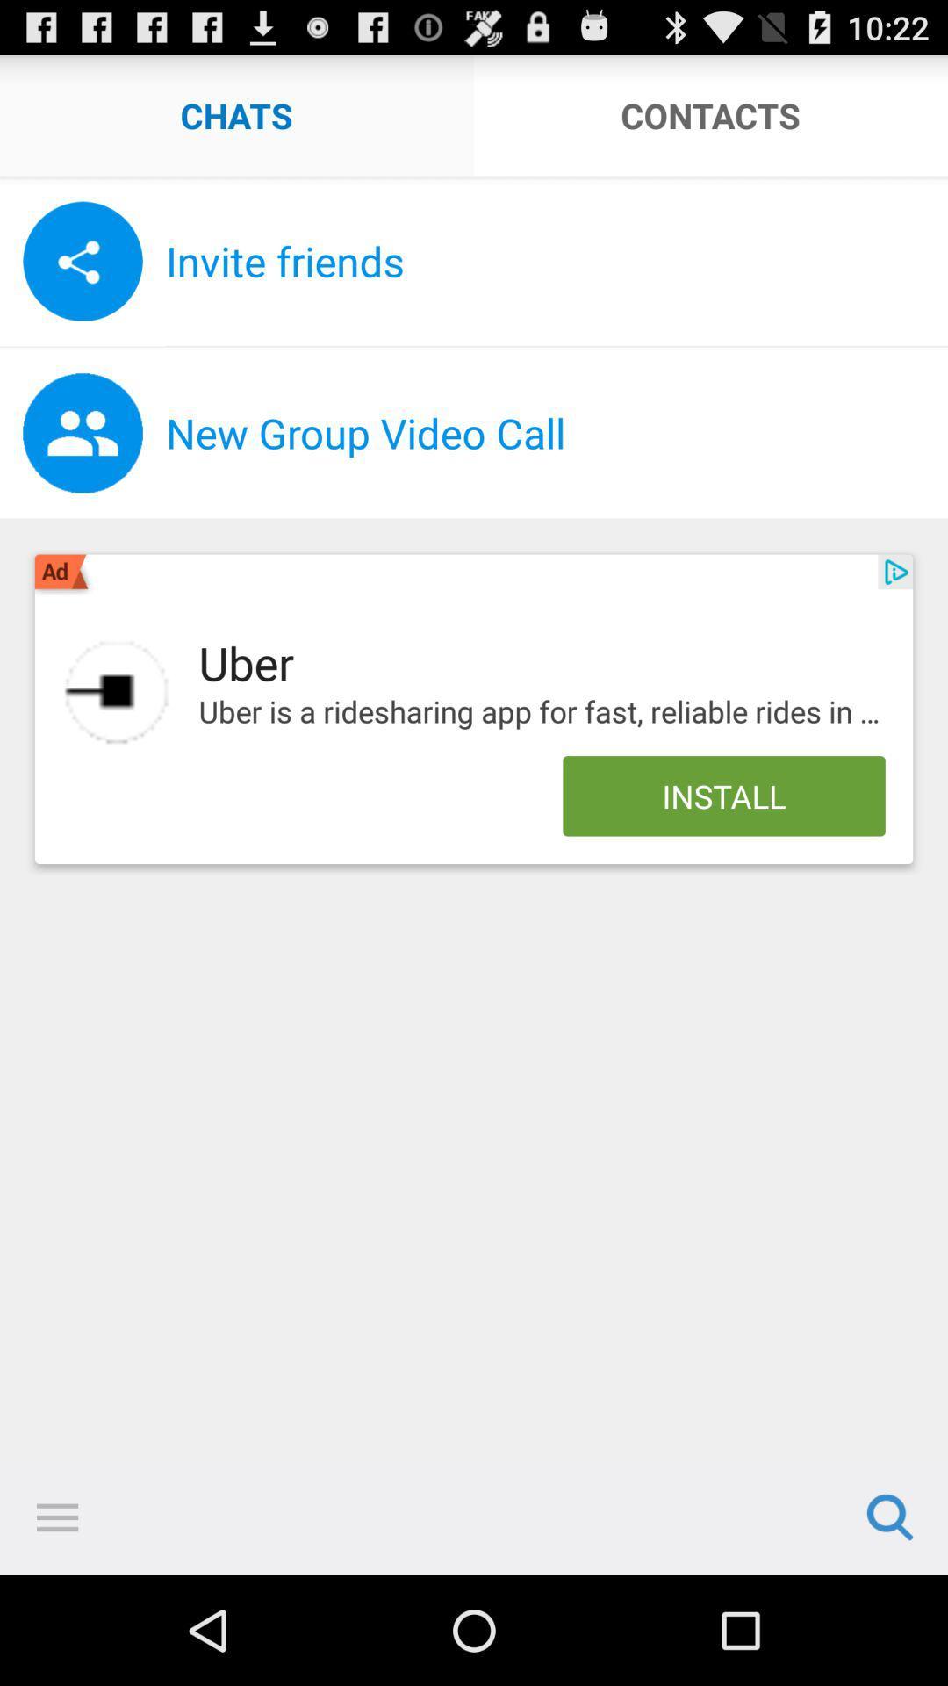 The height and width of the screenshot is (1686, 948). Describe the element at coordinates (474, 180) in the screenshot. I see `icon below chats app` at that location.